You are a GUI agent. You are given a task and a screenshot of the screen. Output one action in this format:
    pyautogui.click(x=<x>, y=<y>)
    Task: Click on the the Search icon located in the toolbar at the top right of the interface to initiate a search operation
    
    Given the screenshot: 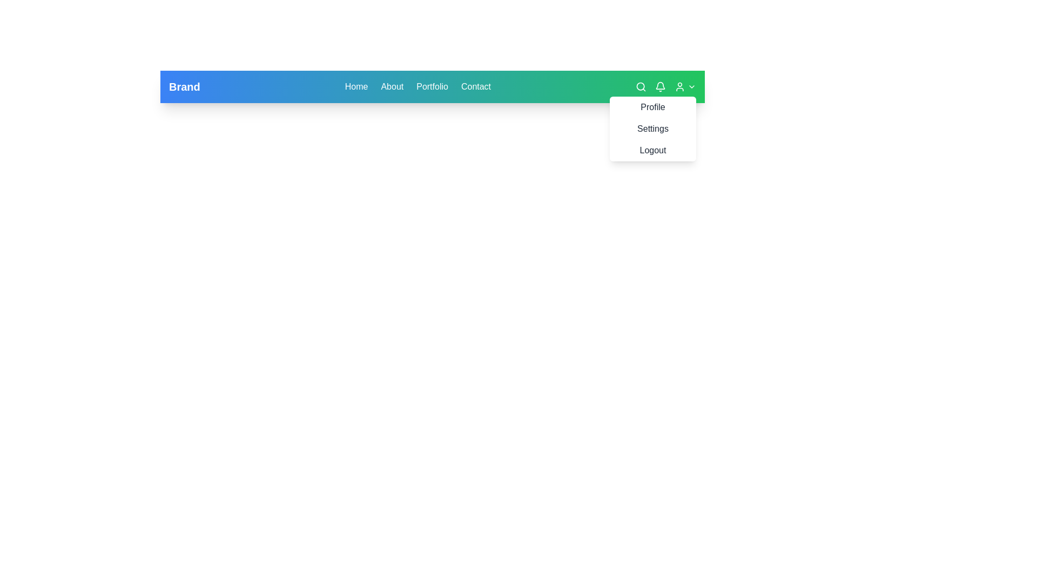 What is the action you would take?
    pyautogui.click(x=641, y=86)
    